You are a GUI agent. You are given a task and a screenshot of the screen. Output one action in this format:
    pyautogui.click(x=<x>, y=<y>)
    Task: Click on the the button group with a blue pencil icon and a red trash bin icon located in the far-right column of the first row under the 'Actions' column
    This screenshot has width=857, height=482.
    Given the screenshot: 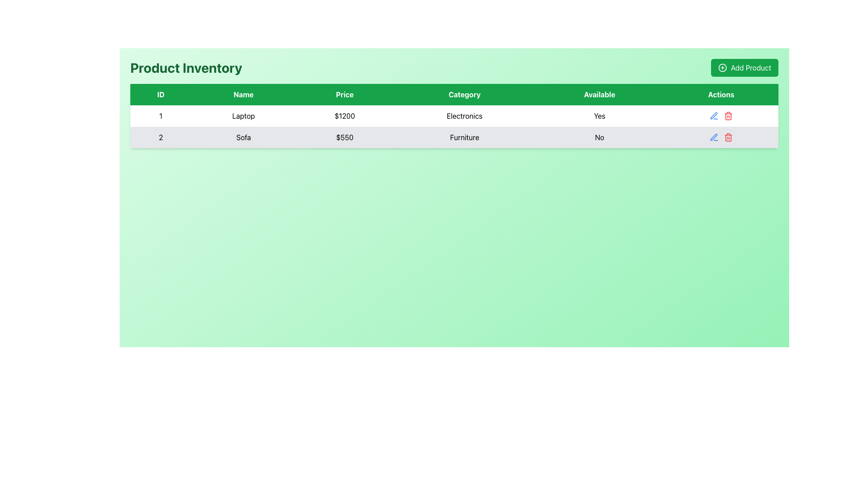 What is the action you would take?
    pyautogui.click(x=721, y=115)
    